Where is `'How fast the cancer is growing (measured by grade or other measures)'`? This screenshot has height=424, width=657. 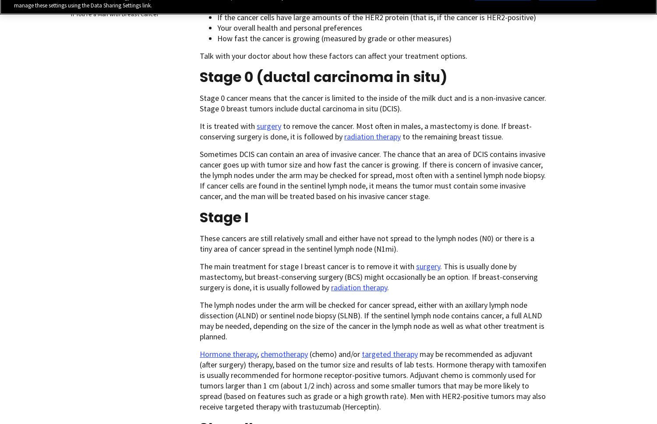
'How fast the cancer is growing (measured by grade or other measures)' is located at coordinates (334, 38).